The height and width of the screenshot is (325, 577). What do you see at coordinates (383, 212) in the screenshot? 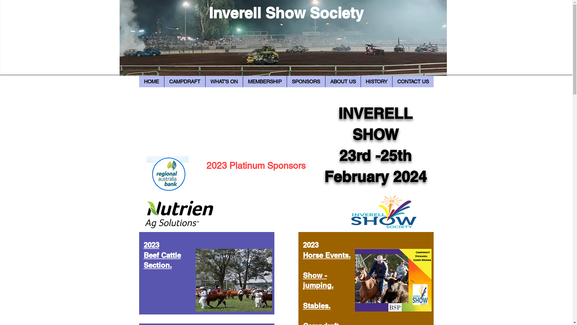
I see `'INVERELL SHOW logo.png'` at bounding box center [383, 212].